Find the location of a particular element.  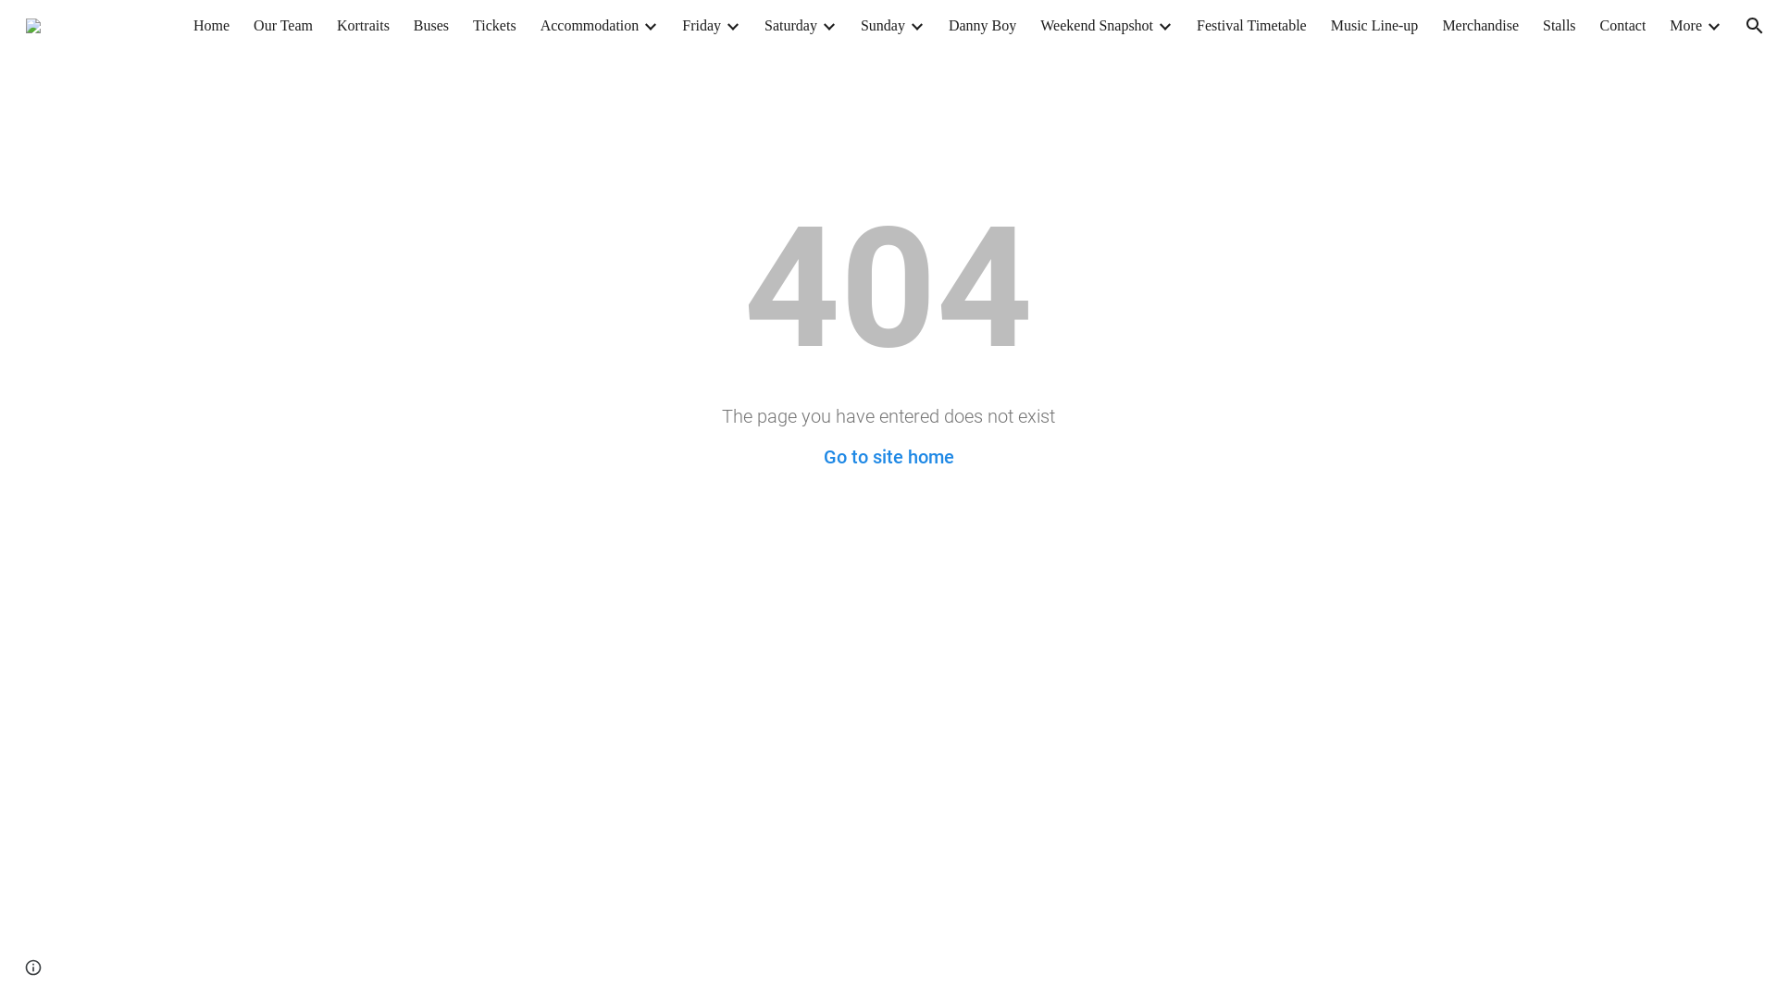

'Expand/Collapse' is located at coordinates (915, 25).